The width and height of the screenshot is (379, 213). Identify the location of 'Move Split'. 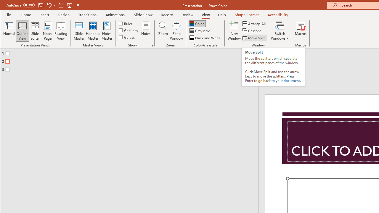
(254, 38).